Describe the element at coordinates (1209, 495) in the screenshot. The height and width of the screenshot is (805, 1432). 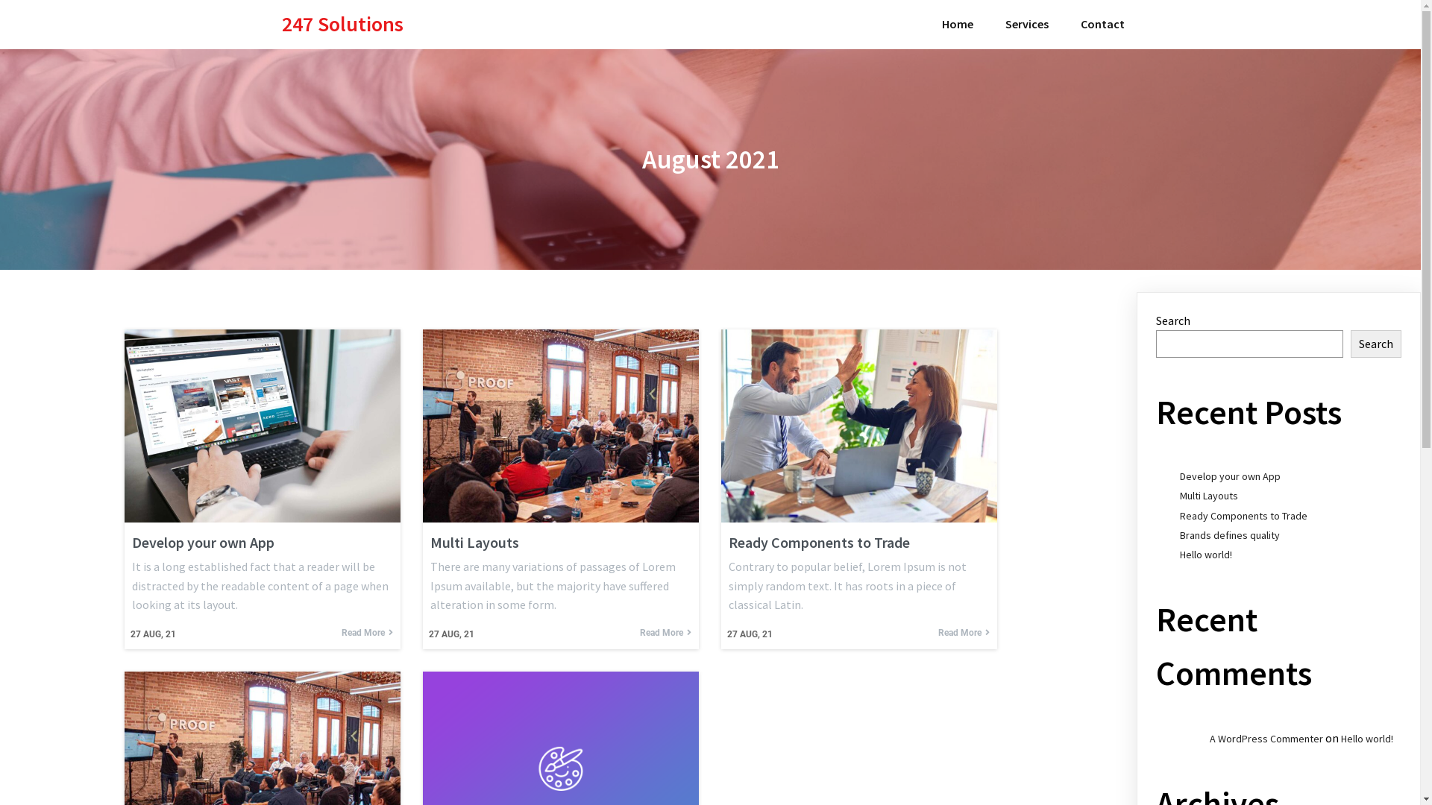
I see `'Multi Layouts'` at that location.